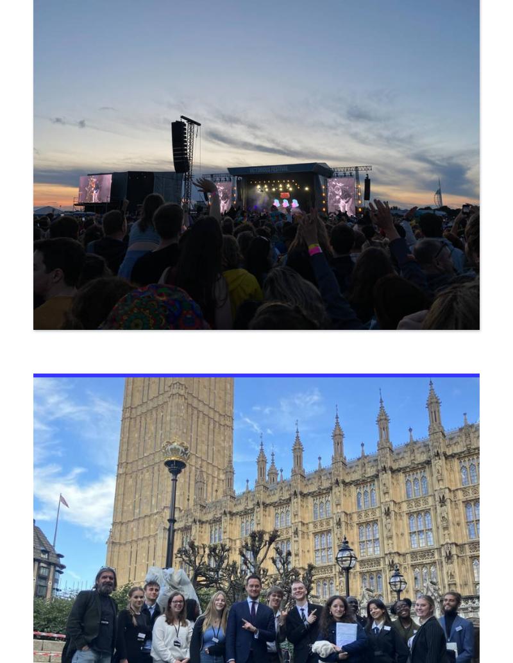 This screenshot has width=513, height=663. I want to click on 'Sports Centre', so click(73, 184).